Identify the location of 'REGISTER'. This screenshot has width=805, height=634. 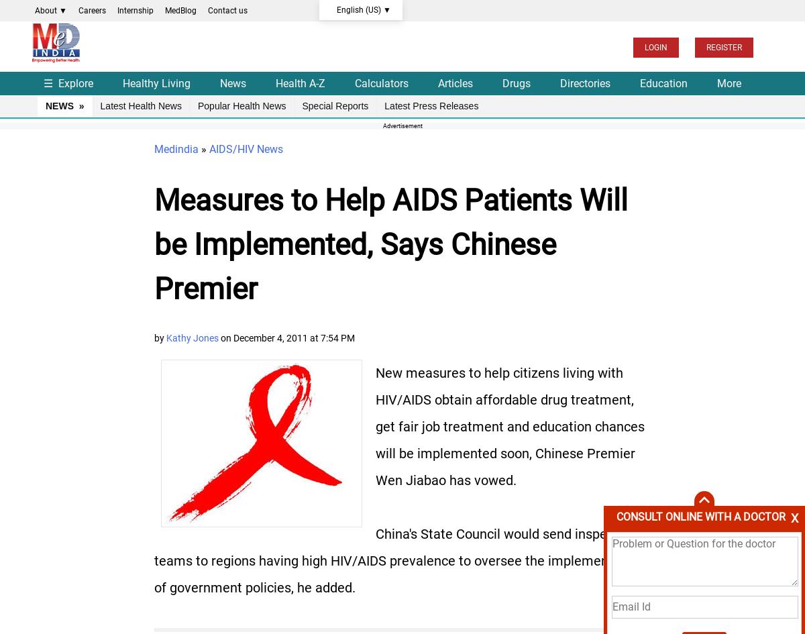
(705, 46).